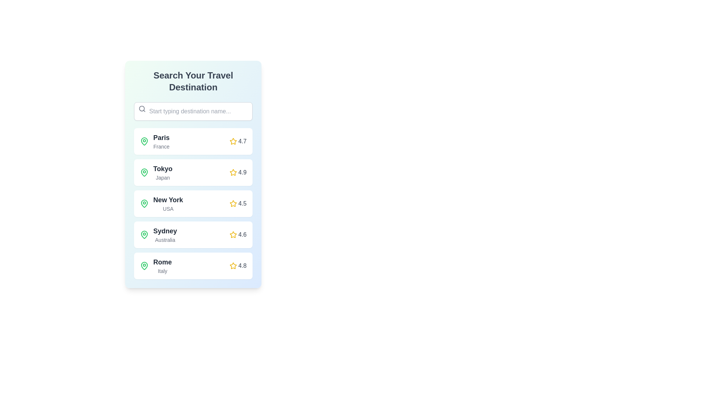 The image size is (711, 400). Describe the element at coordinates (233, 234) in the screenshot. I see `the third star icon for the 'Sydney, Australia' destination` at that location.